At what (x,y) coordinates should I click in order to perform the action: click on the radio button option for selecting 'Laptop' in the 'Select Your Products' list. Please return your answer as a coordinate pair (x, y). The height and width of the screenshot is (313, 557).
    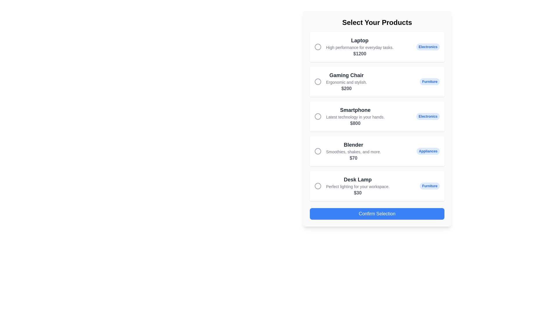
    Looking at the image, I should click on (317, 47).